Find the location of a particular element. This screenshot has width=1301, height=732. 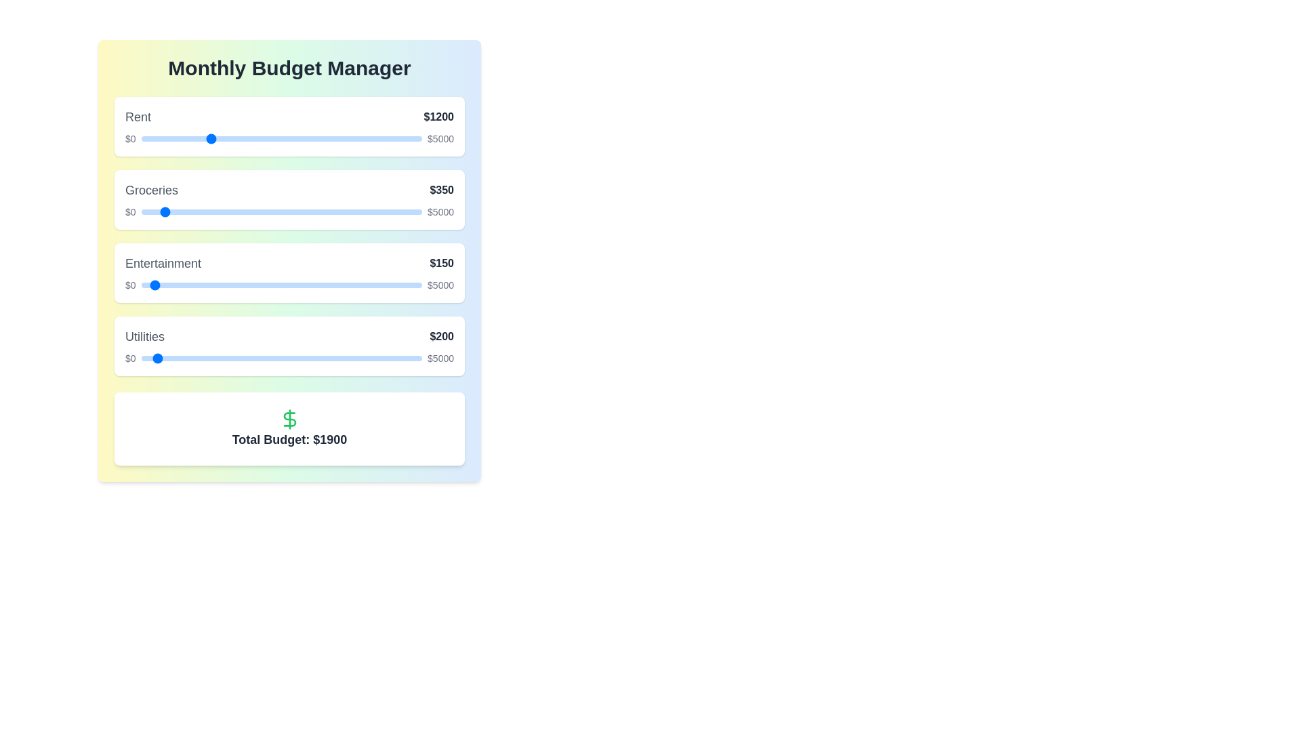

groceries budget is located at coordinates (406, 211).